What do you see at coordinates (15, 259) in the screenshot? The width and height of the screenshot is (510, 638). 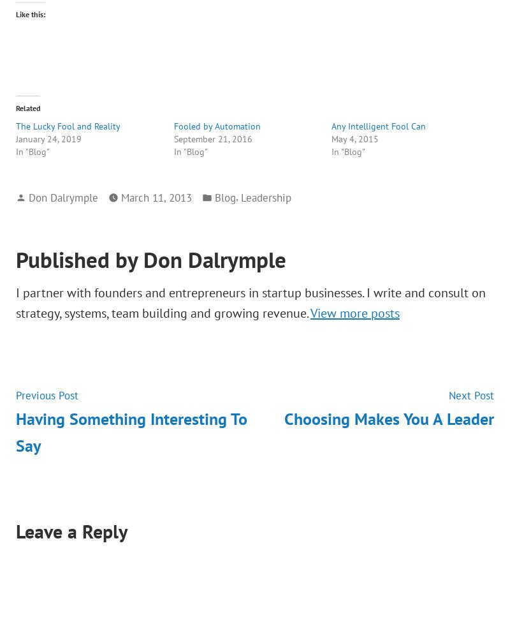 I see `'Published by Don Dalrymple'` at bounding box center [15, 259].